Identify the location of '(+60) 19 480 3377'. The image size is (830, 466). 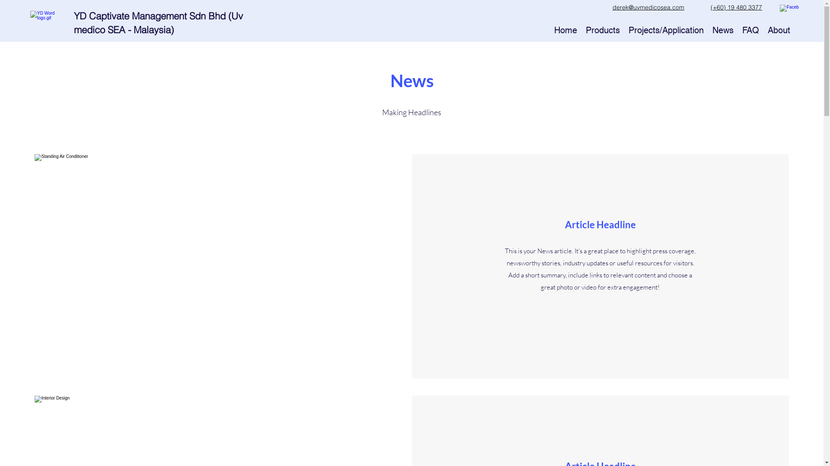
(710, 7).